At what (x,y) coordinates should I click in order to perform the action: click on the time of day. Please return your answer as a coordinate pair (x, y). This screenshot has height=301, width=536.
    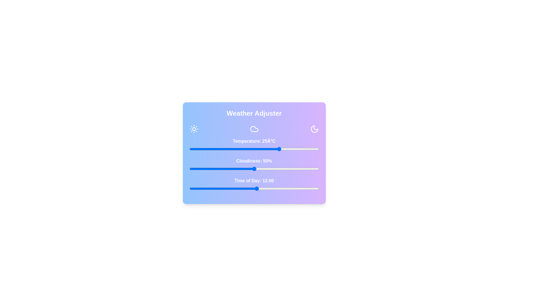
    Looking at the image, I should click on (257, 188).